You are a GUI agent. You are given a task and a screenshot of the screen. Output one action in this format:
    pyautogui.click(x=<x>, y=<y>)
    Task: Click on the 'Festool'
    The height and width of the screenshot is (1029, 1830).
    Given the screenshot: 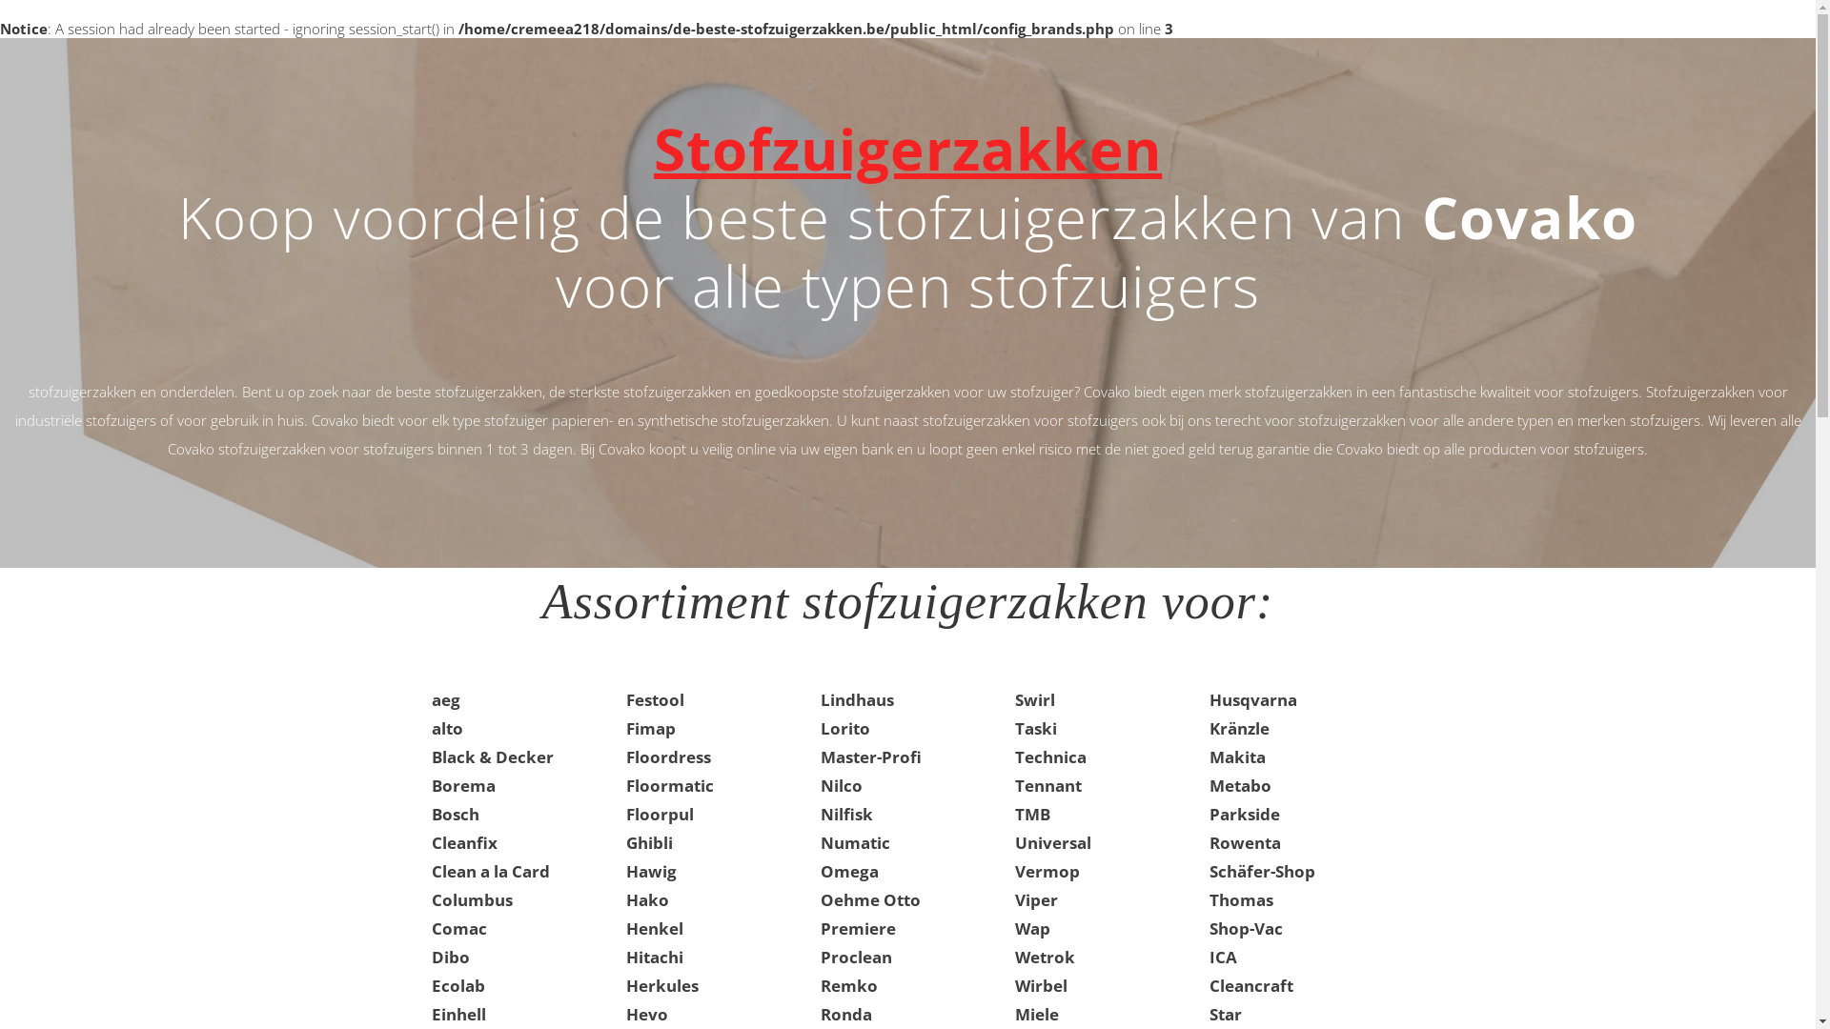 What is the action you would take?
    pyautogui.click(x=654, y=699)
    